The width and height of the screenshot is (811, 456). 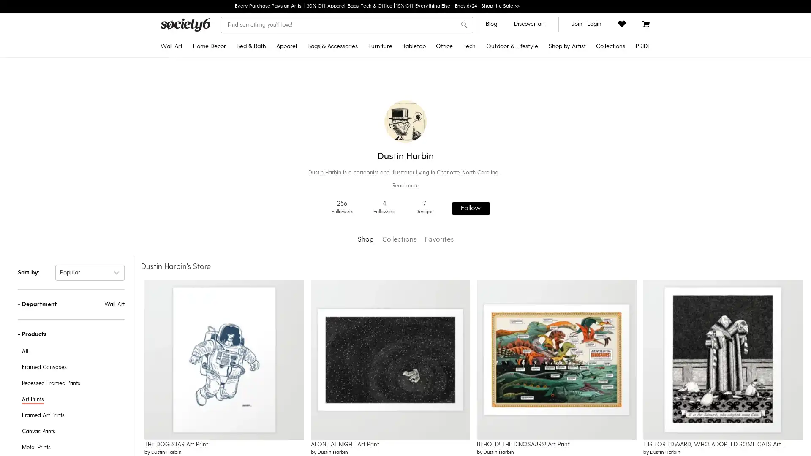 I want to click on Discover Black Artists, so click(x=579, y=109).